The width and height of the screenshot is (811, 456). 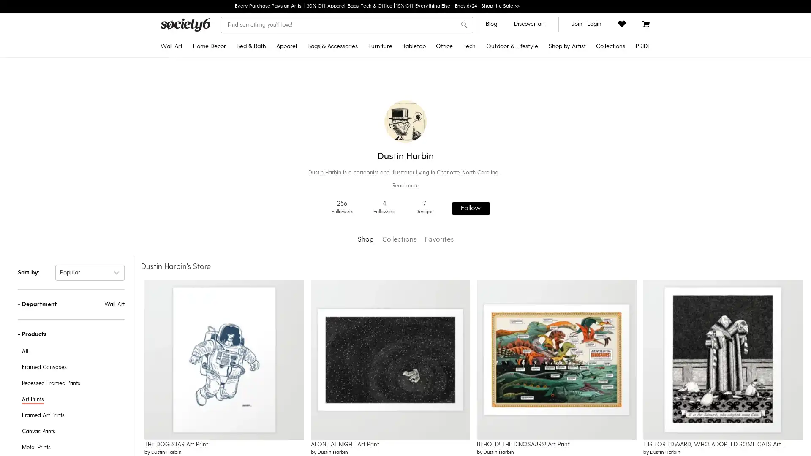 I want to click on Discover Black Artists, so click(x=579, y=109).